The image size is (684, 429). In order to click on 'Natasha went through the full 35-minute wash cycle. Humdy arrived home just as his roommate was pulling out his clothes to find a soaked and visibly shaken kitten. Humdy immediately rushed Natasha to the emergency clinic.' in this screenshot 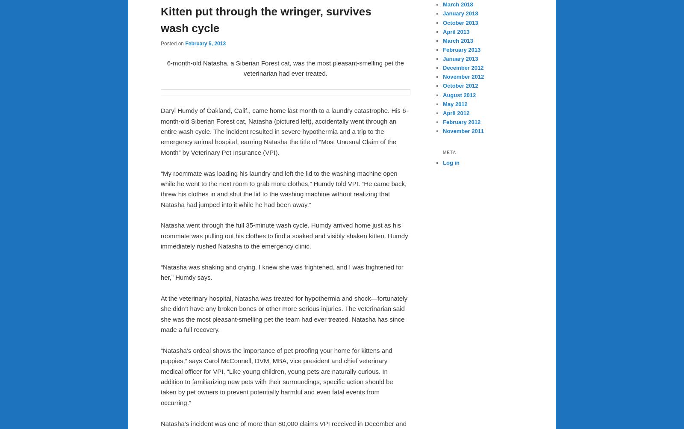, I will do `click(284, 235)`.